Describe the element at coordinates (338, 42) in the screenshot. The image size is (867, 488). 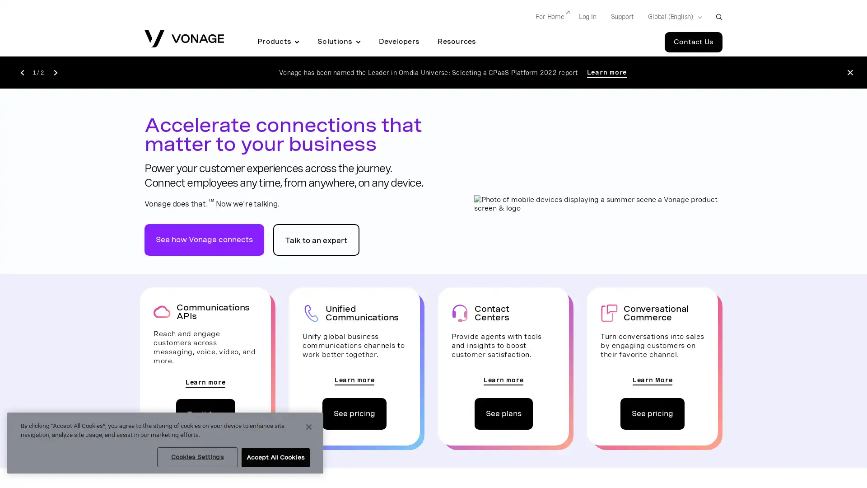
I see `Solutions` at that location.